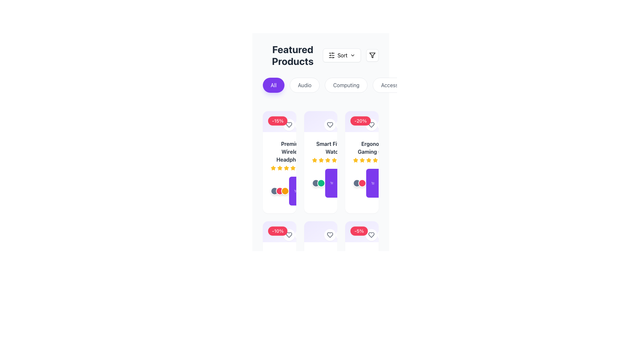 This screenshot has width=630, height=354. I want to click on the leftmost circular icon button at the bottom of the 'Smart Fit Watch' product card, so click(316, 183).